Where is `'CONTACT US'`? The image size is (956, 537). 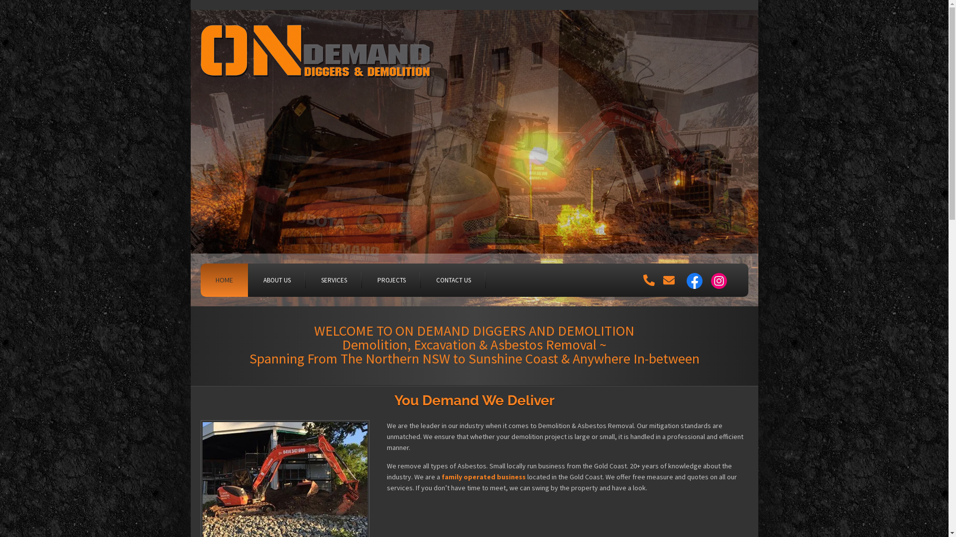
'CONTACT US' is located at coordinates (421, 280).